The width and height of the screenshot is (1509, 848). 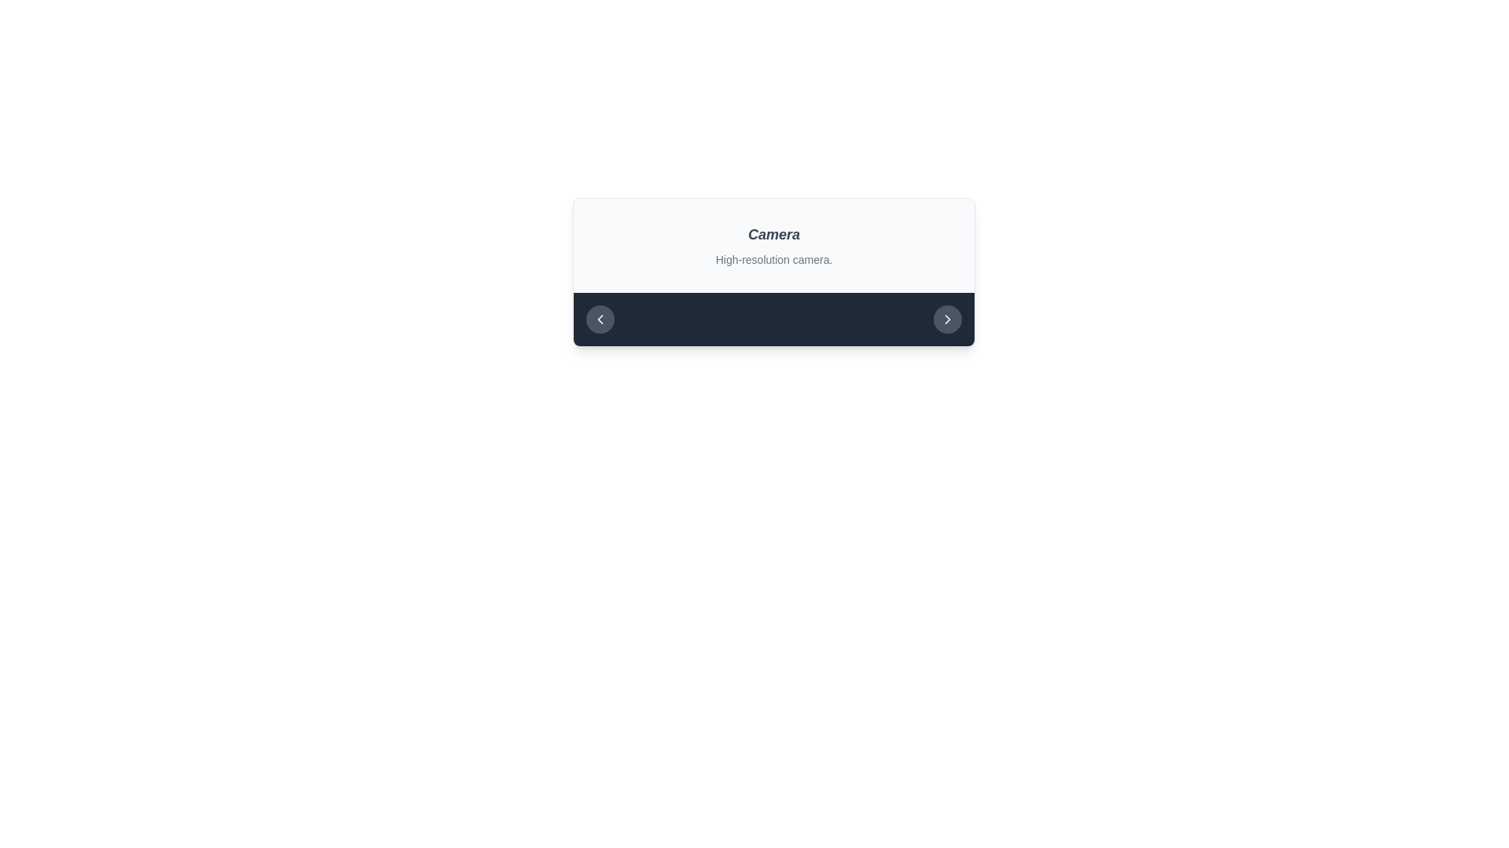 What do you see at coordinates (773, 235) in the screenshot?
I see `the title text label located at the top center of the rectangular white card, which summarizes the section's theme, above the text 'High-resolution camera.'` at bounding box center [773, 235].